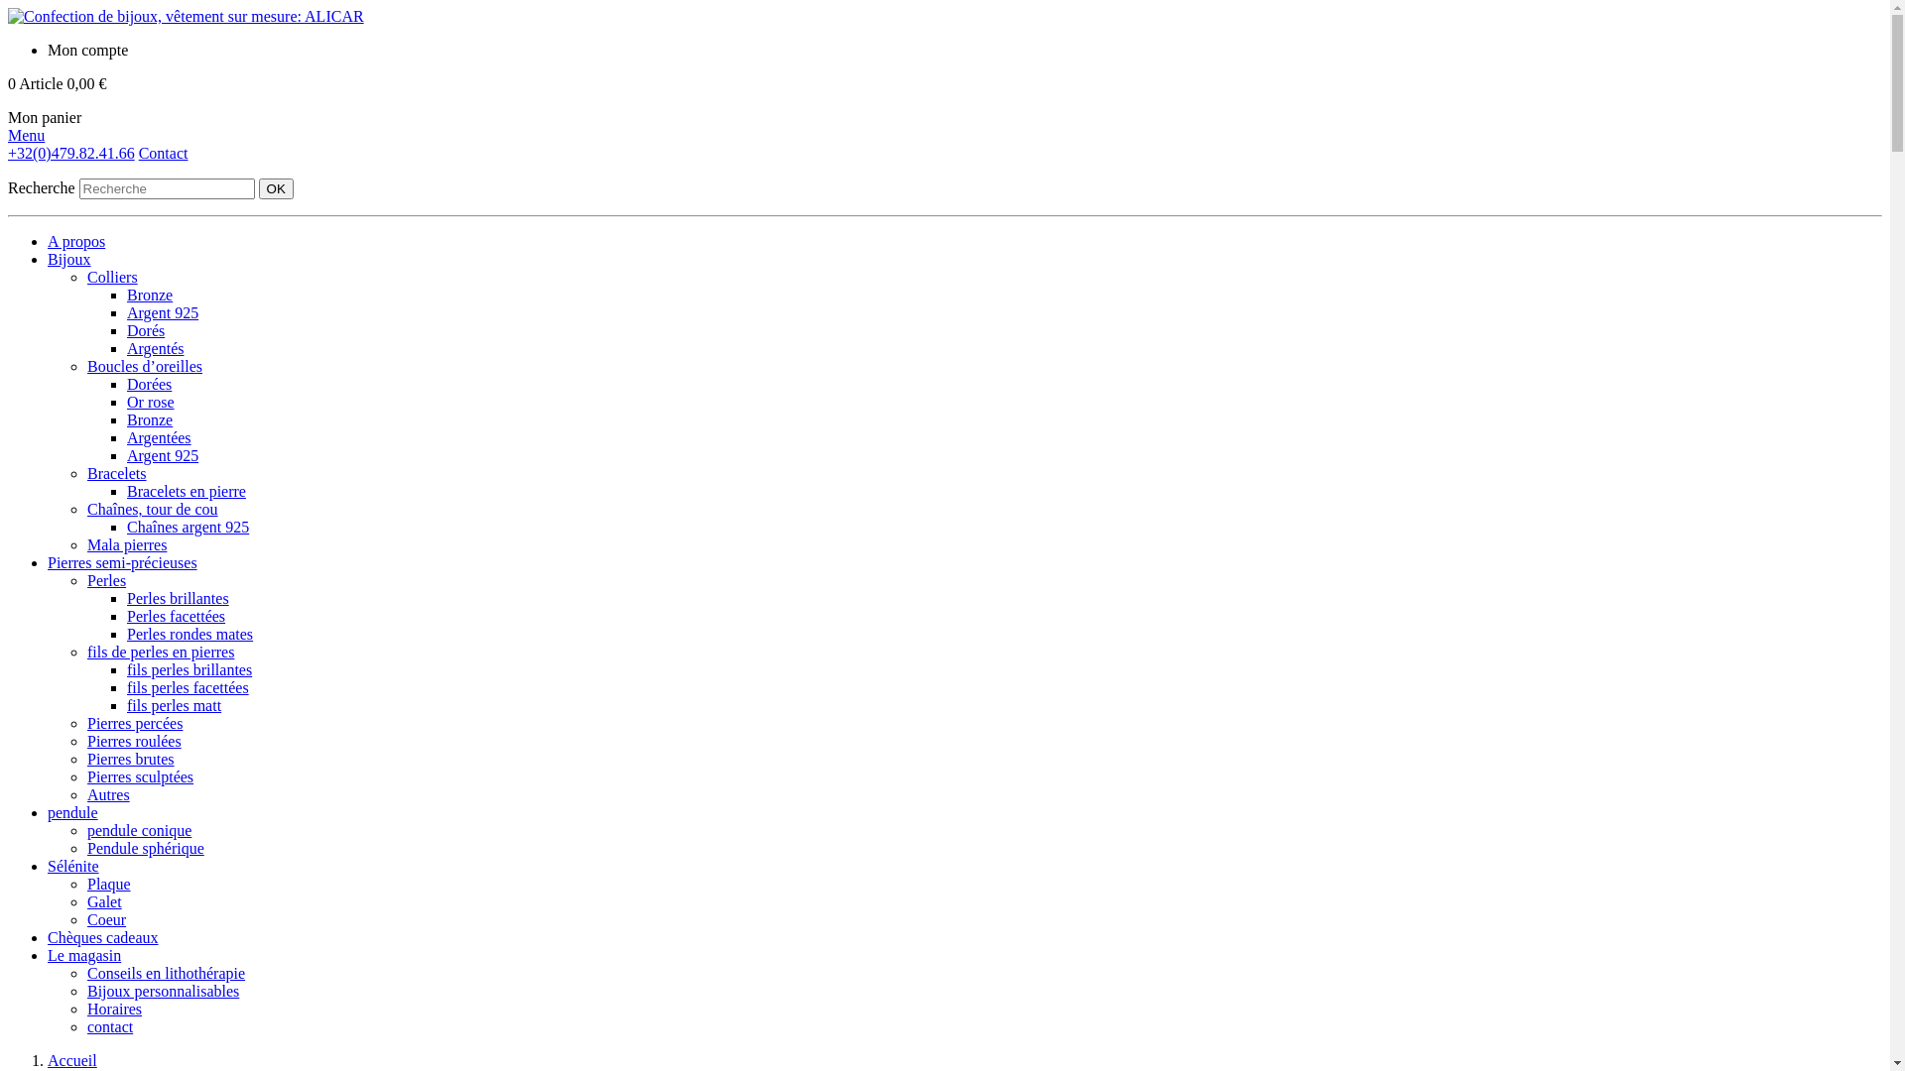  Describe the element at coordinates (161, 652) in the screenshot. I see `'fils de perles en pierres'` at that location.